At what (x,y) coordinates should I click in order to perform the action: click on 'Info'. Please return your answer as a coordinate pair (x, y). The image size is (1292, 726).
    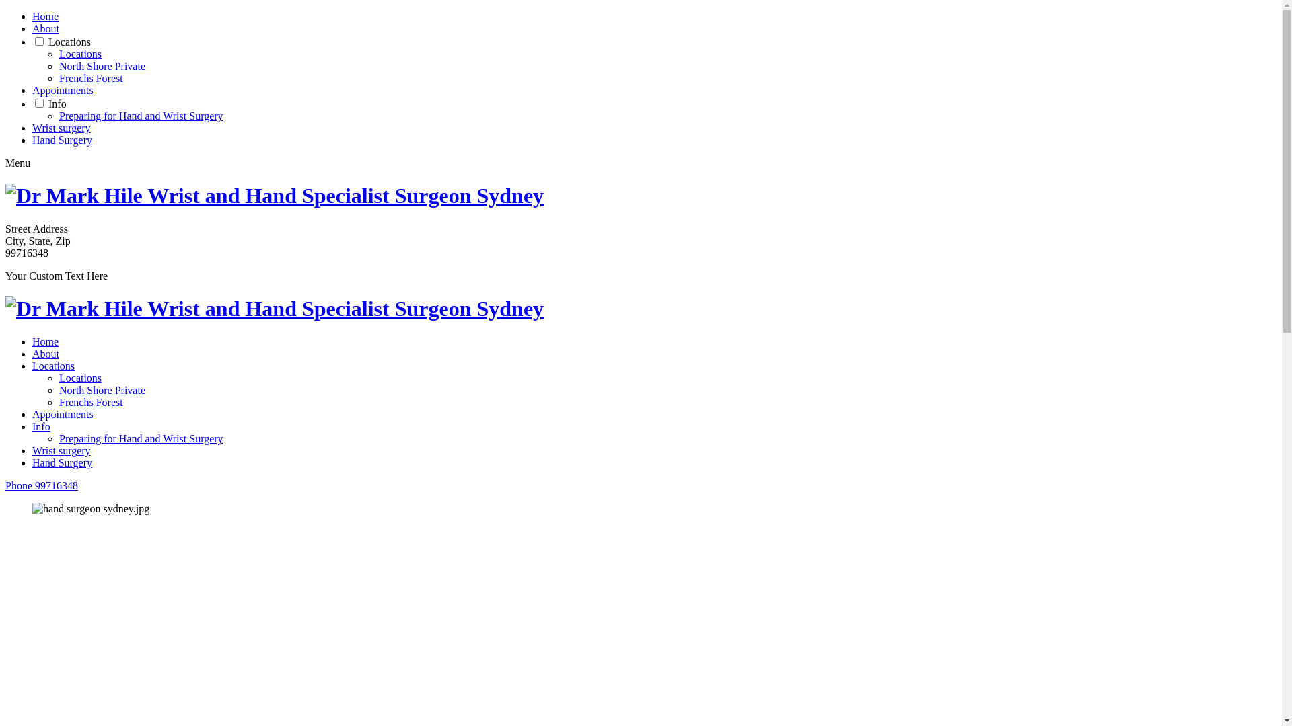
    Looking at the image, I should click on (57, 103).